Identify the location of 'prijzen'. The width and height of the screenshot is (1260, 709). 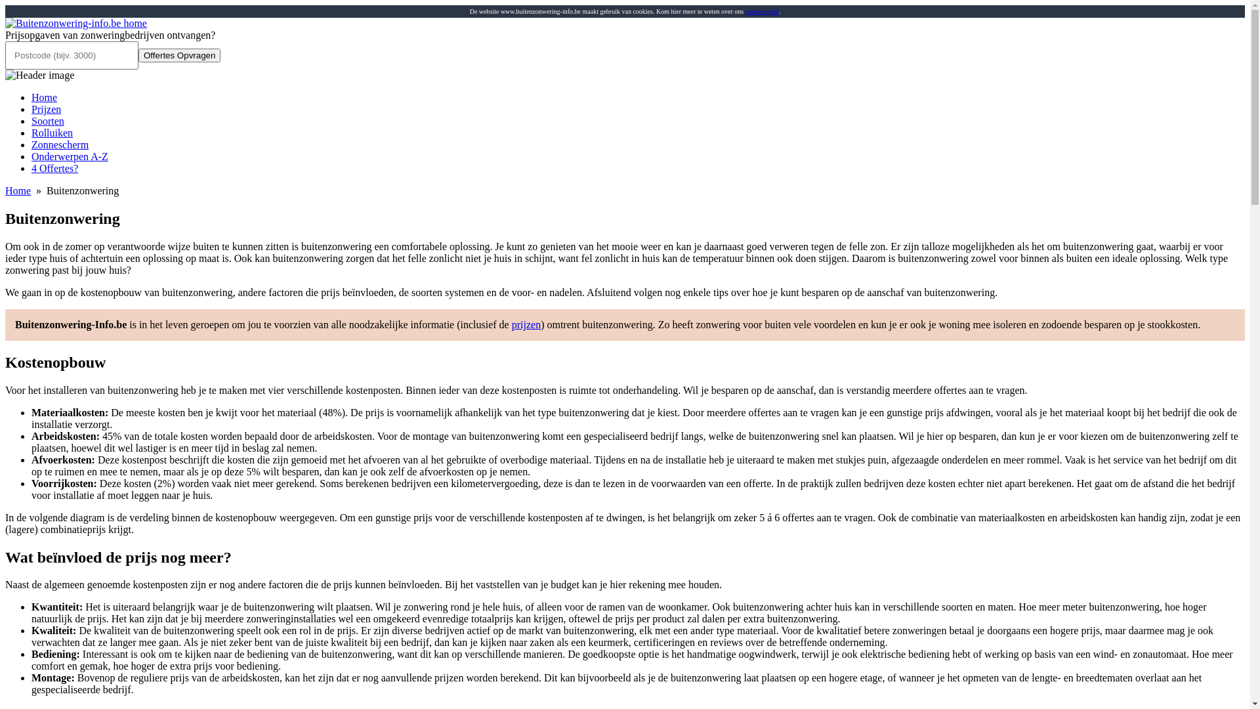
(511, 324).